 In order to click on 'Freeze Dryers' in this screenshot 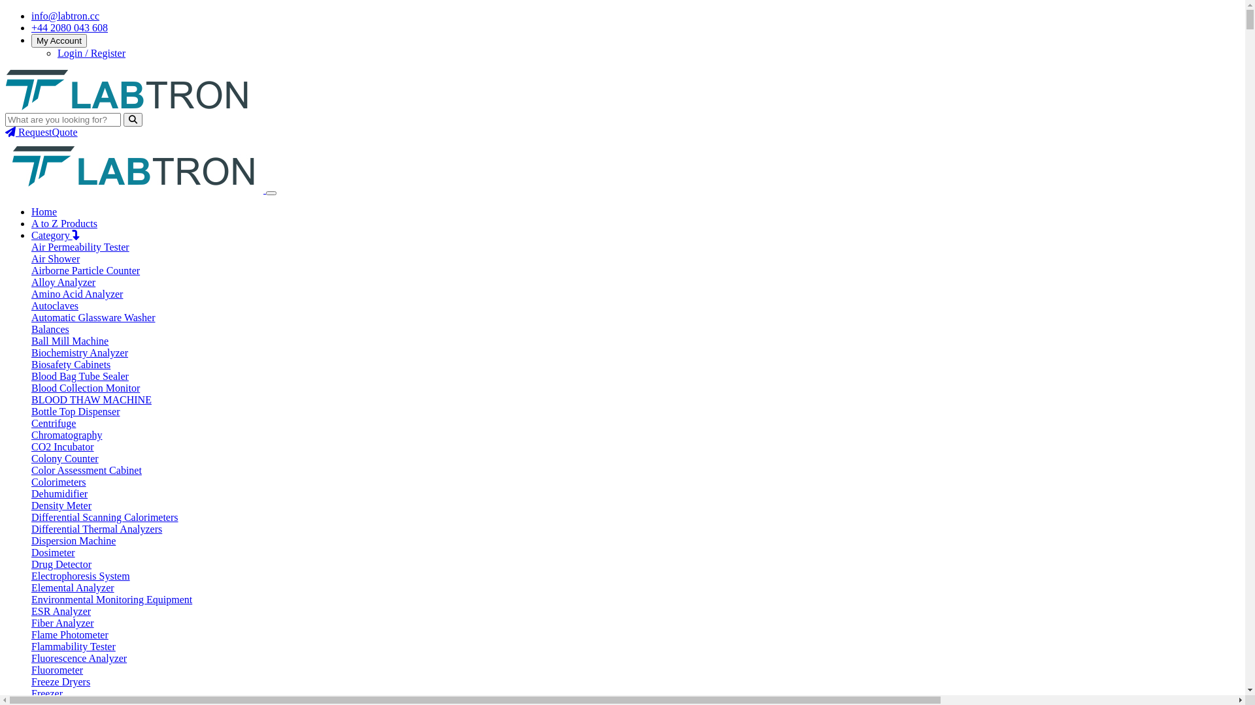, I will do `click(59, 681)`.